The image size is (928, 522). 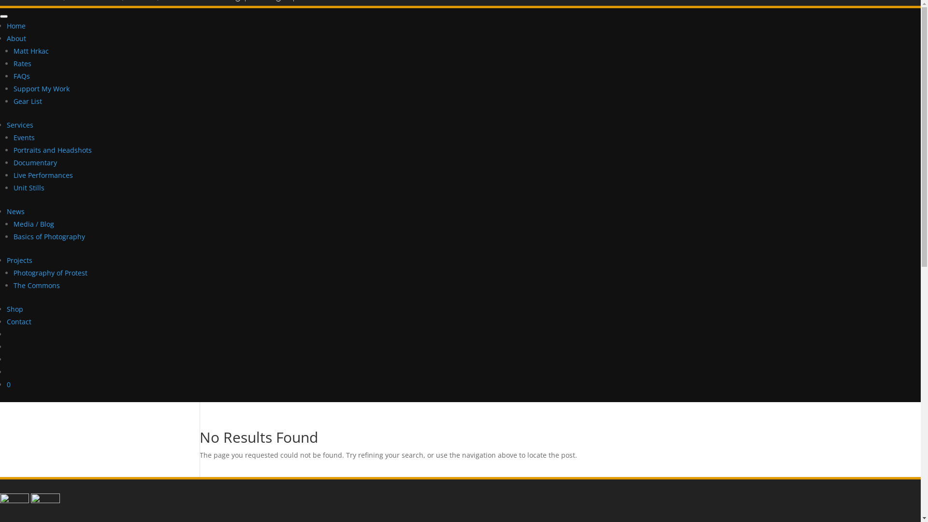 I want to click on 'Photography of Protest', so click(x=50, y=273).